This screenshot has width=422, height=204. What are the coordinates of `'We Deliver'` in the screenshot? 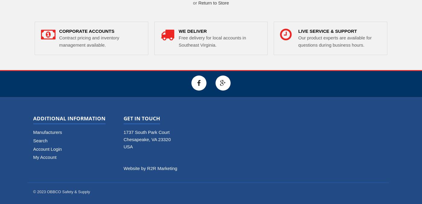 It's located at (178, 31).